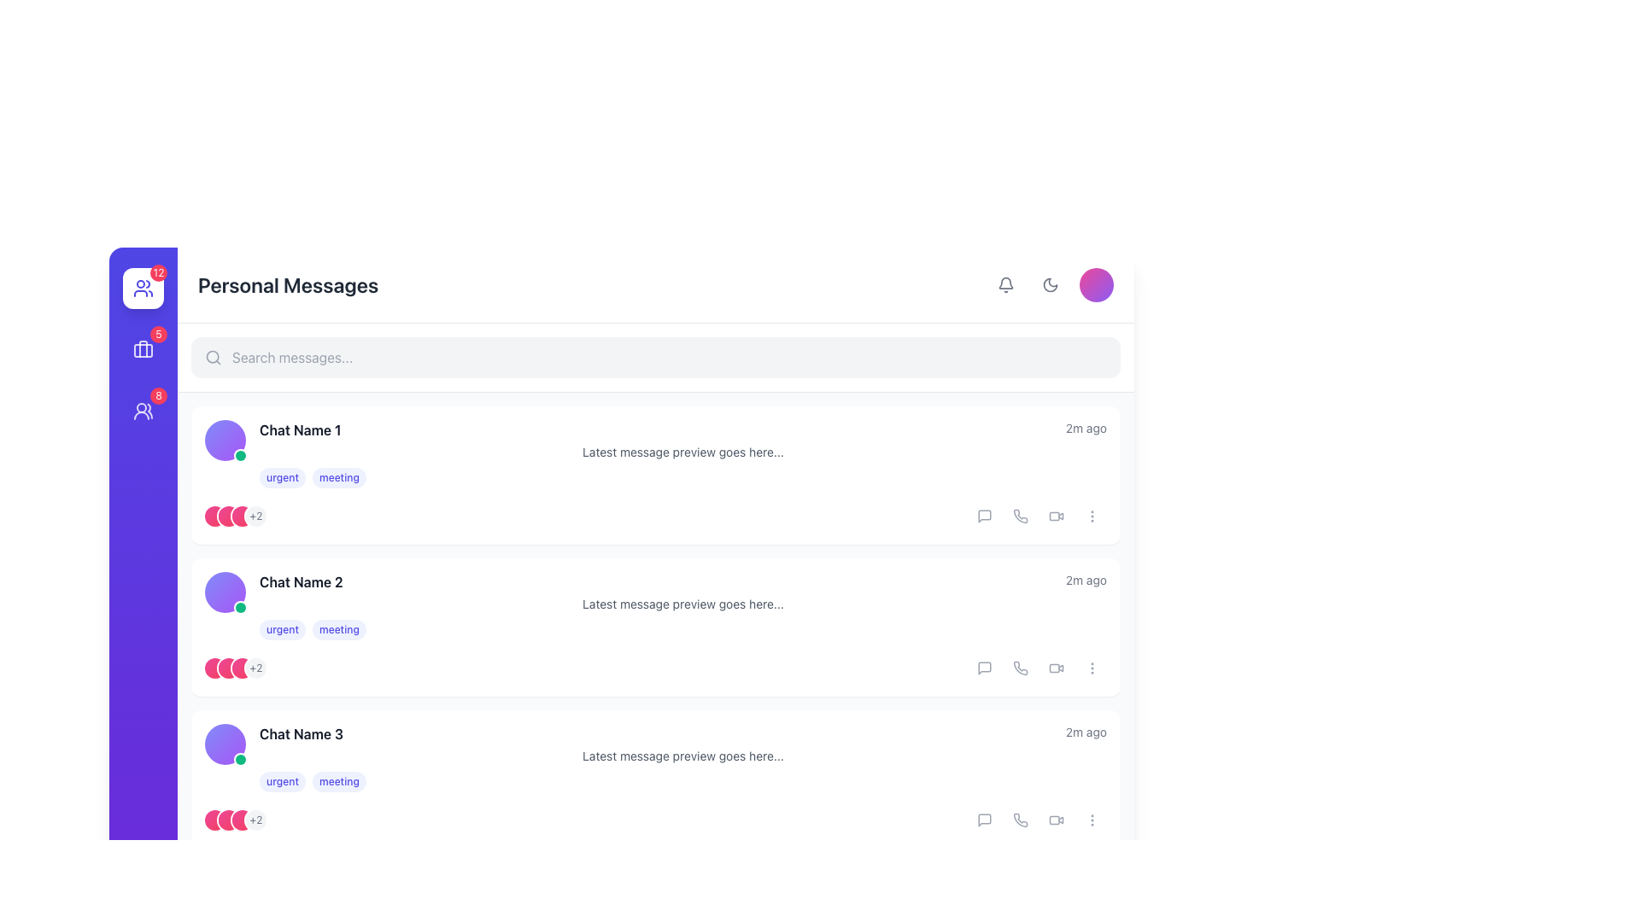 The image size is (1640, 922). I want to click on text of the urgent label that indicates the importance of the specific chat, located to the right of the avatar in the second chat item, so click(283, 629).